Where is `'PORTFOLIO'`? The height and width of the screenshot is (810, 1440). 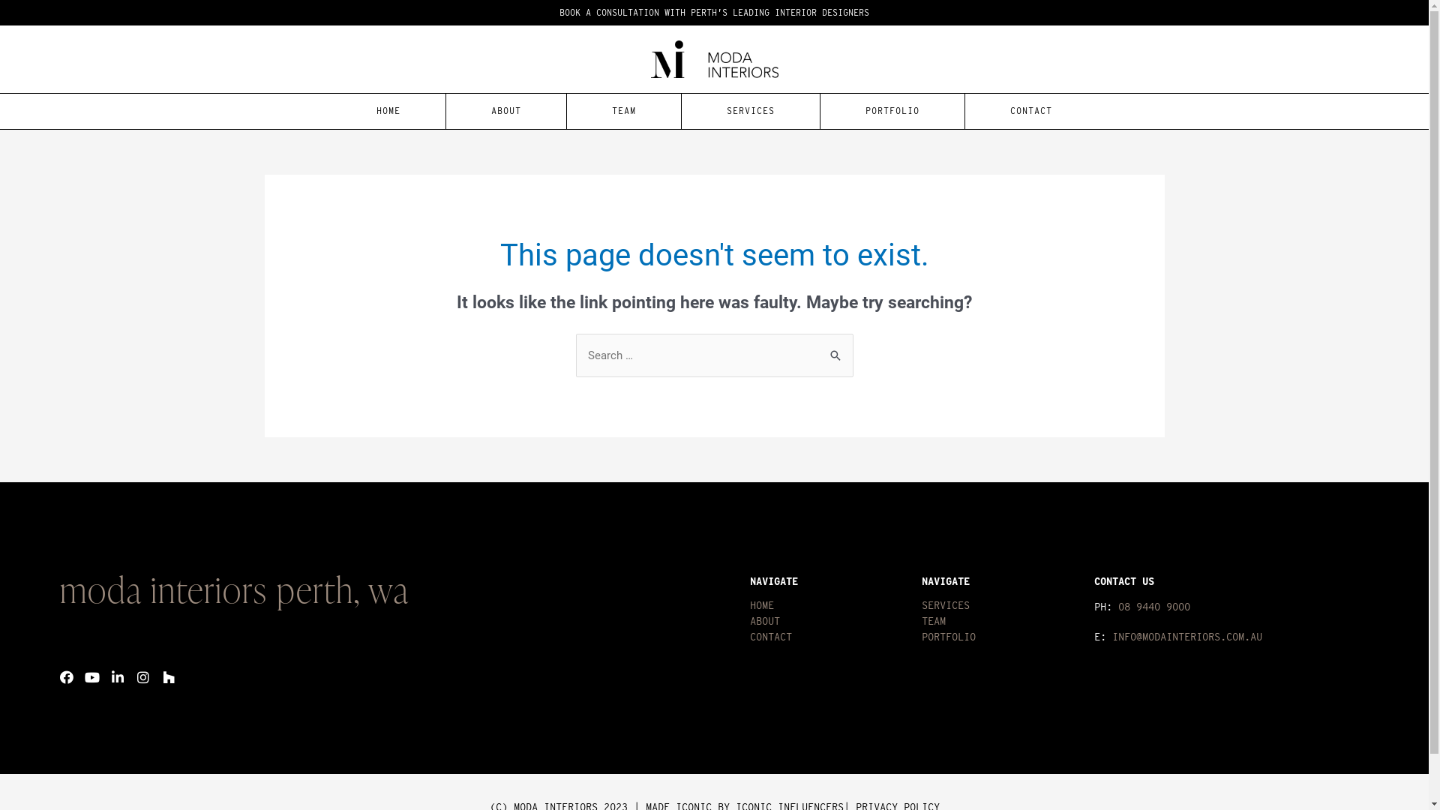 'PORTFOLIO' is located at coordinates (892, 109).